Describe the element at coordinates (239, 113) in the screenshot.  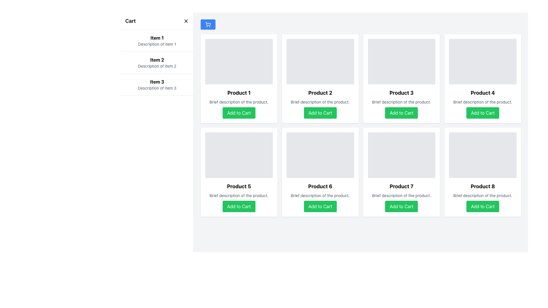
I see `the 'Add to Cart' button for 'Product 1' located at the bottom of the product card in the top left of the grid` at that location.